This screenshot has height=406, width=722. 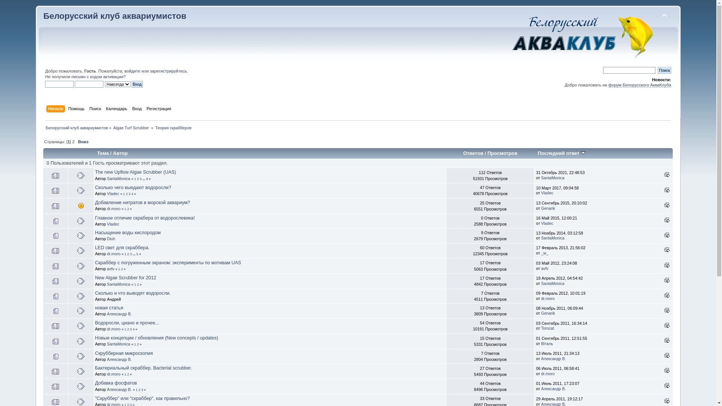 What do you see at coordinates (137, 254) in the screenshot?
I see `'5'` at bounding box center [137, 254].